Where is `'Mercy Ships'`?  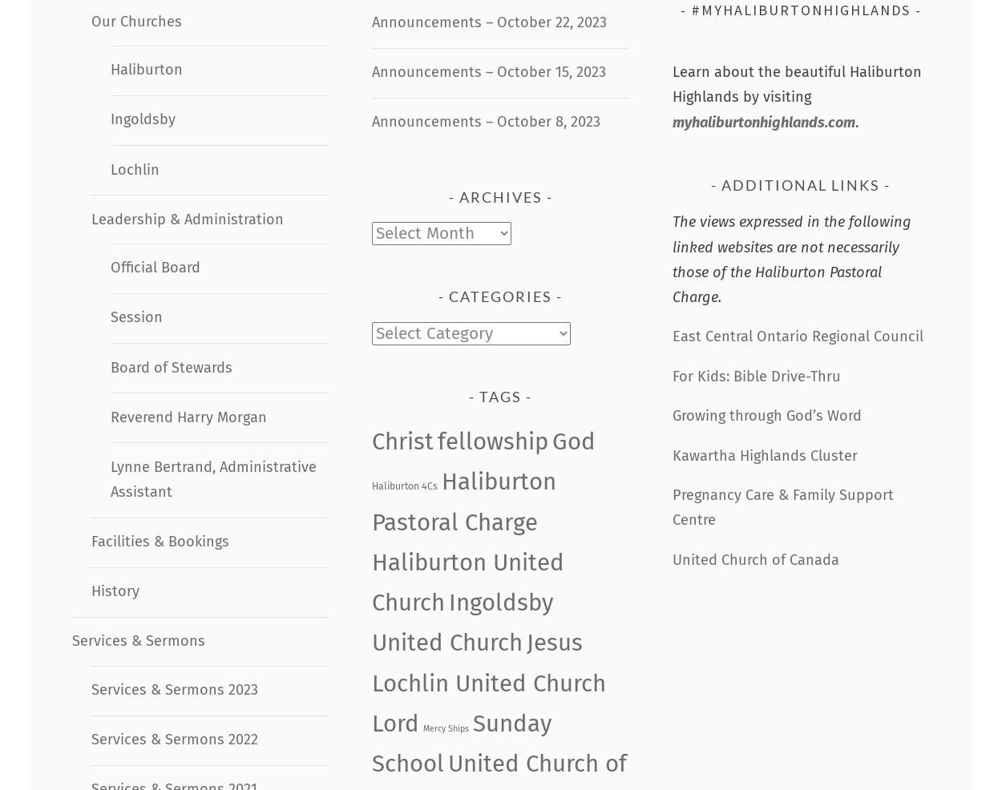 'Mercy Ships' is located at coordinates (423, 728).